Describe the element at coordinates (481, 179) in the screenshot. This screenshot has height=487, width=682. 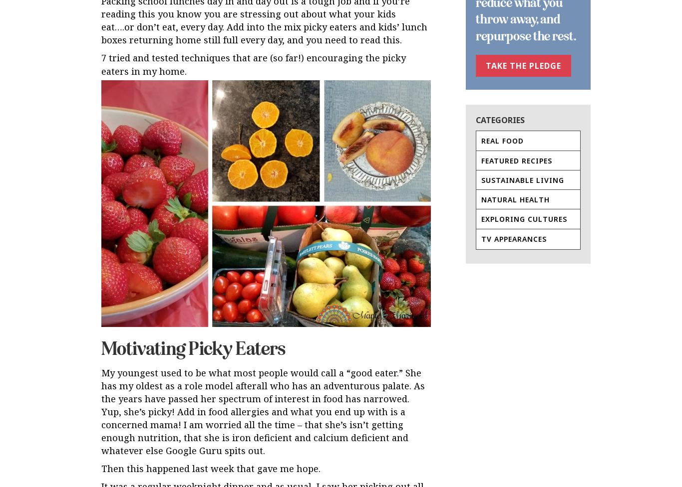
I see `'Sustainable Living'` at that location.